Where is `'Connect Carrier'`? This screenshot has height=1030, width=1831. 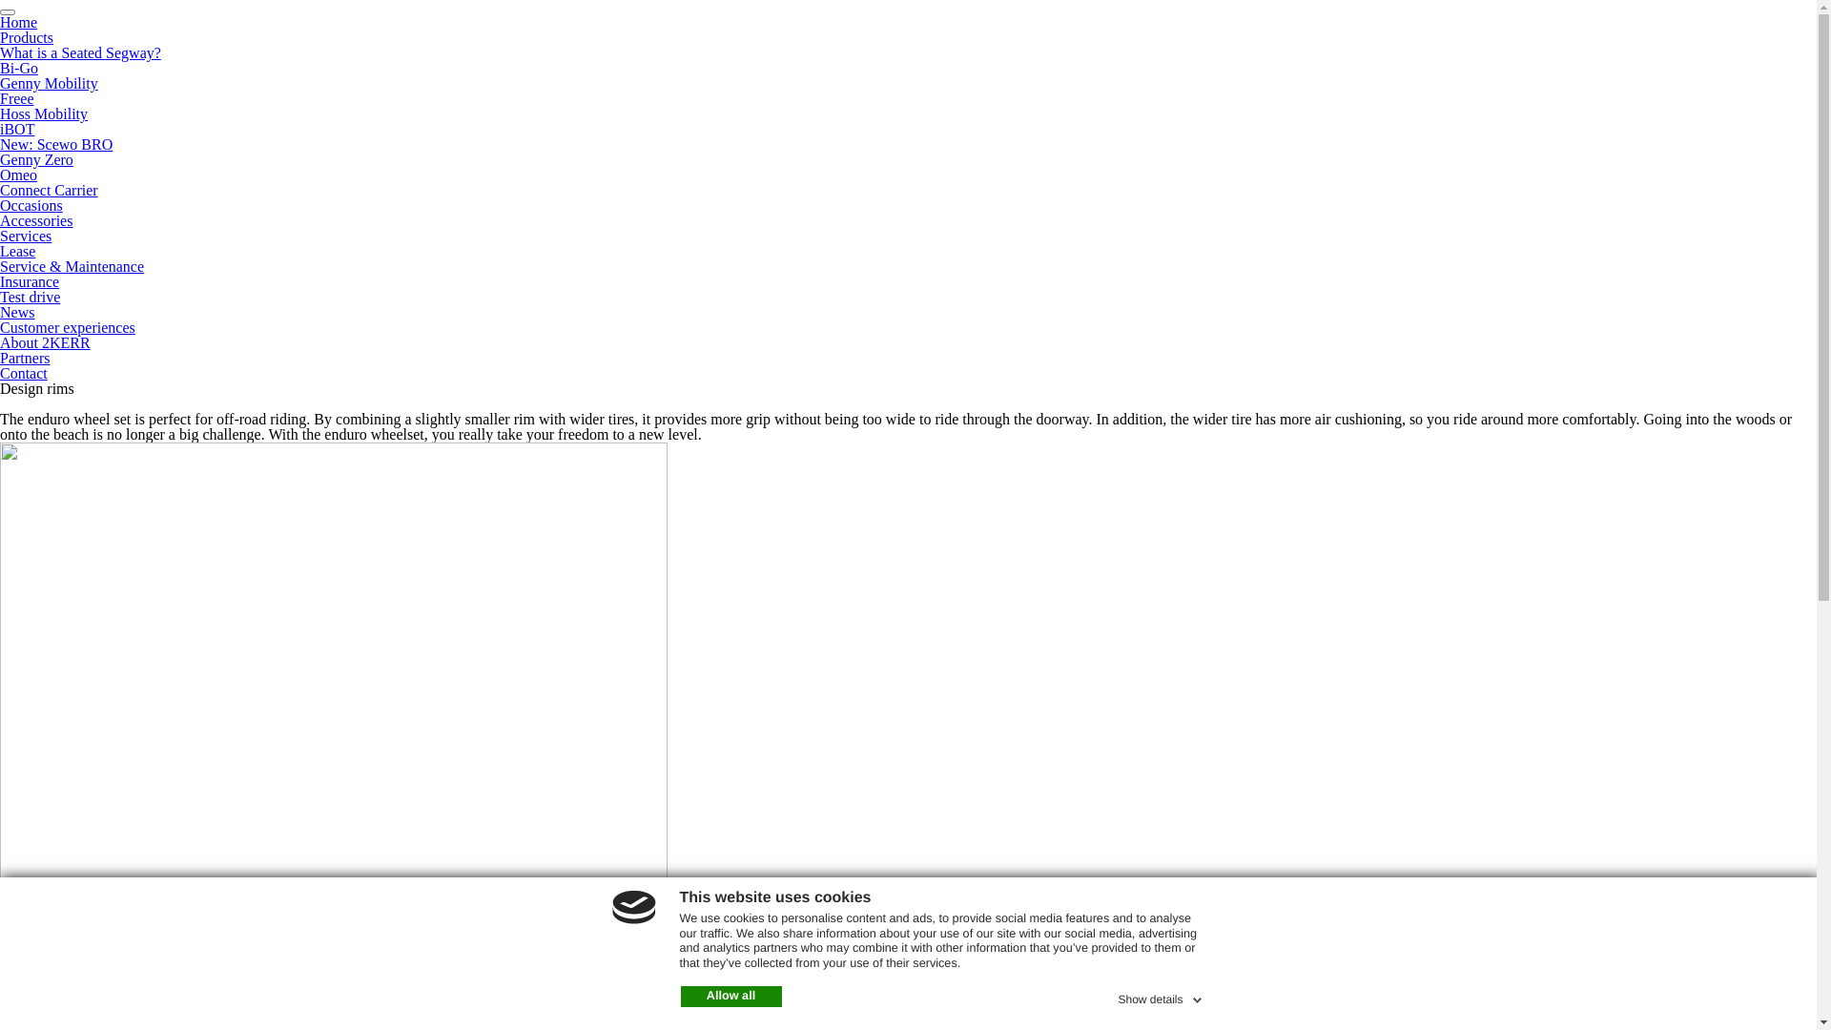 'Connect Carrier' is located at coordinates (49, 190).